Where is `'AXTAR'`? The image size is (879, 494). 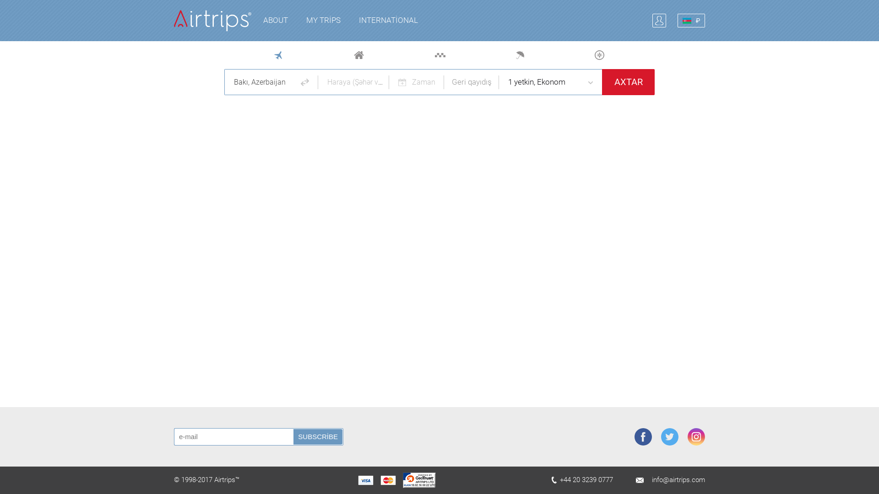 'AXTAR' is located at coordinates (628, 81).